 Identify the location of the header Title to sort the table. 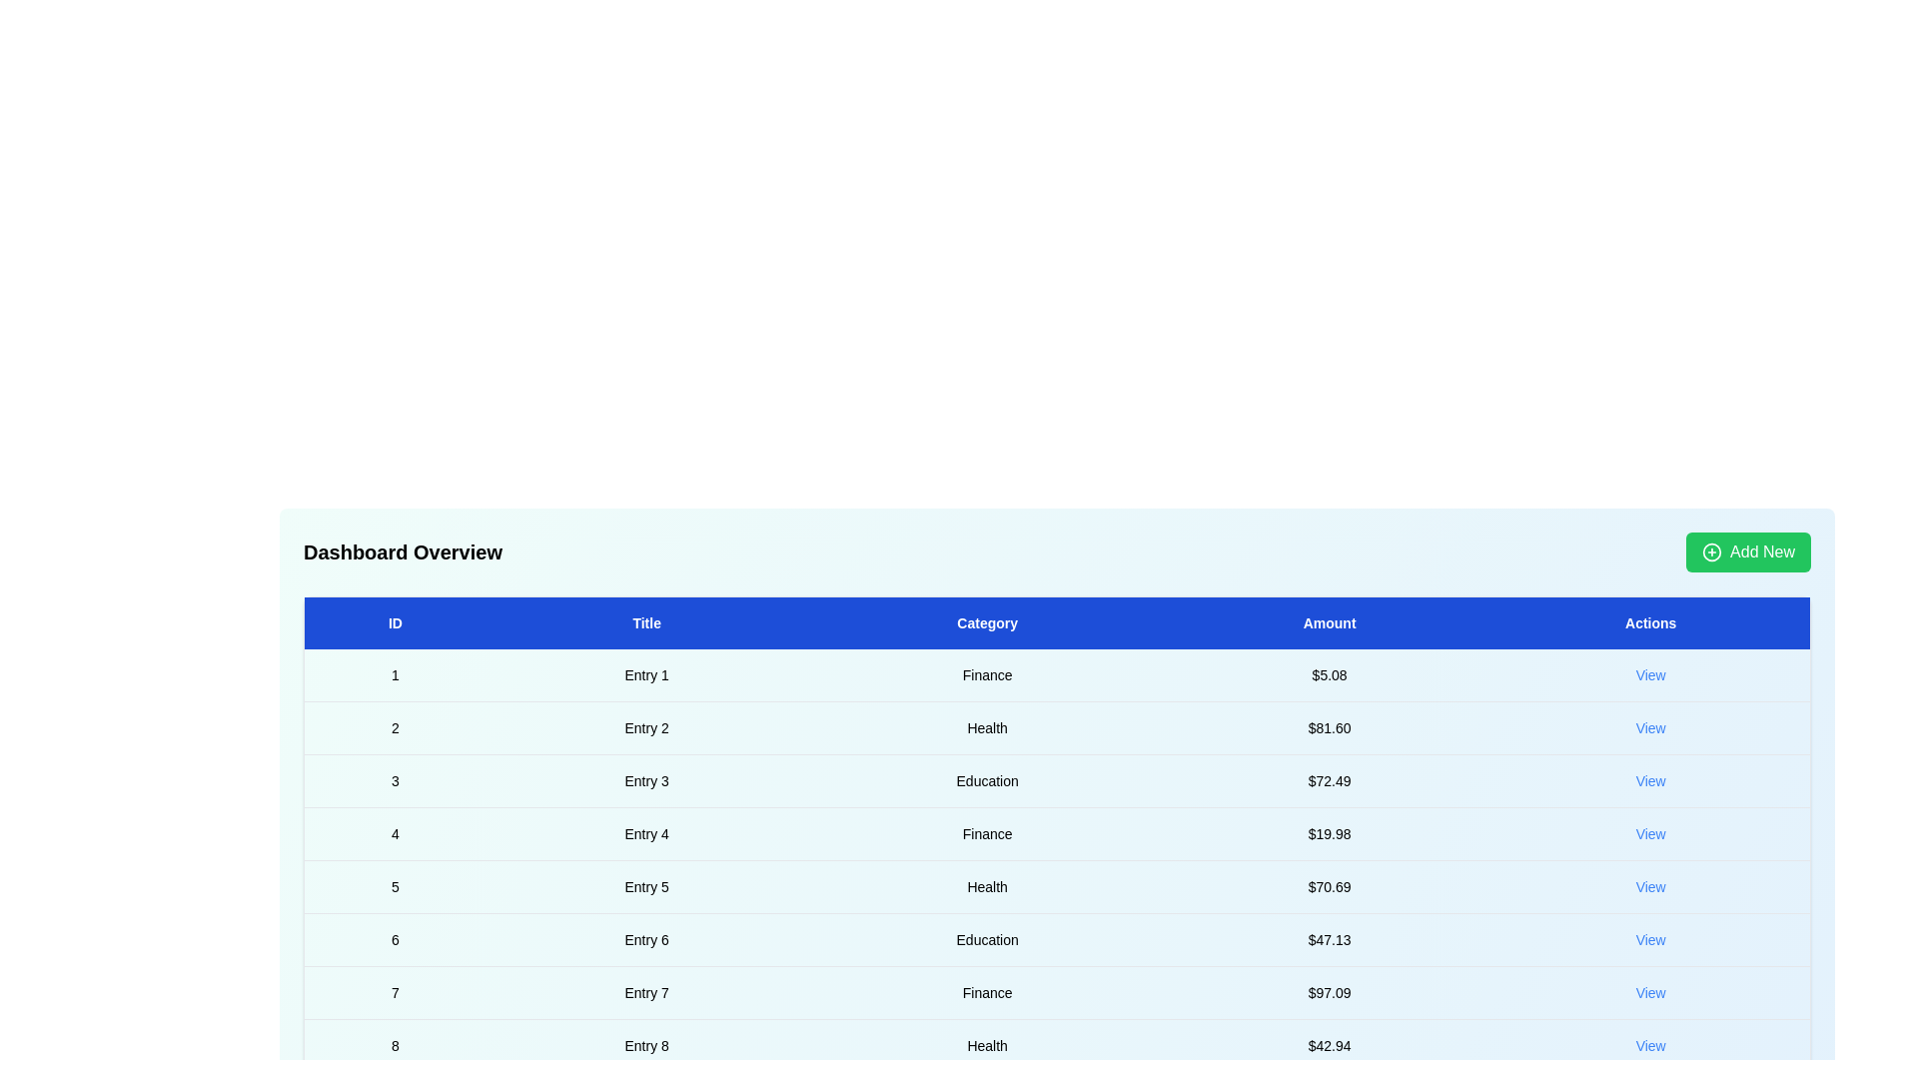
(646, 622).